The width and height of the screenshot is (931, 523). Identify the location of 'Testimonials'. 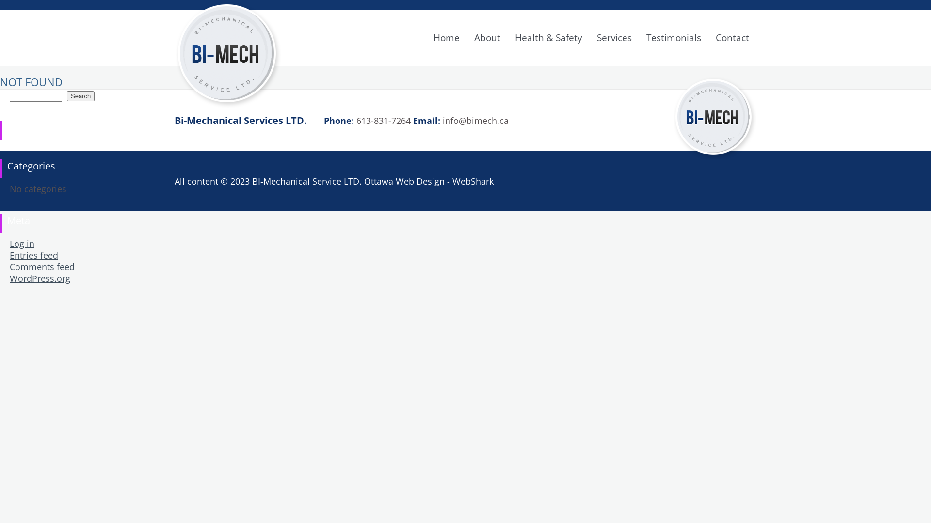
(673, 37).